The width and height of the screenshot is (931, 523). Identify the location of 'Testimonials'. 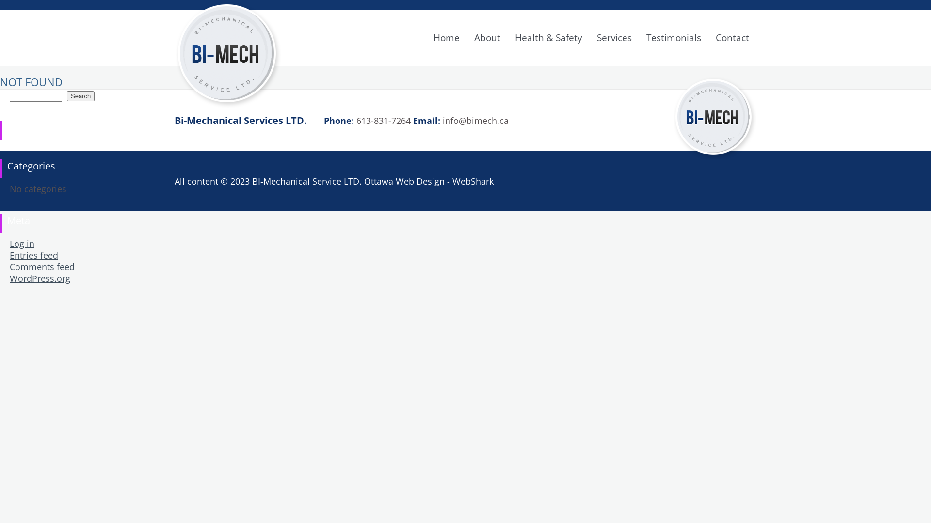
(673, 37).